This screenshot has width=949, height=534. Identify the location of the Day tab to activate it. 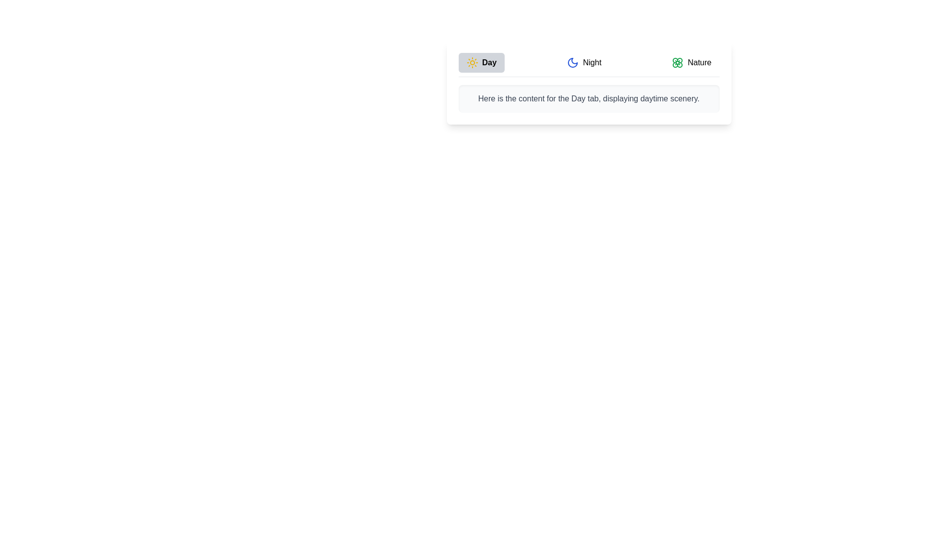
(481, 63).